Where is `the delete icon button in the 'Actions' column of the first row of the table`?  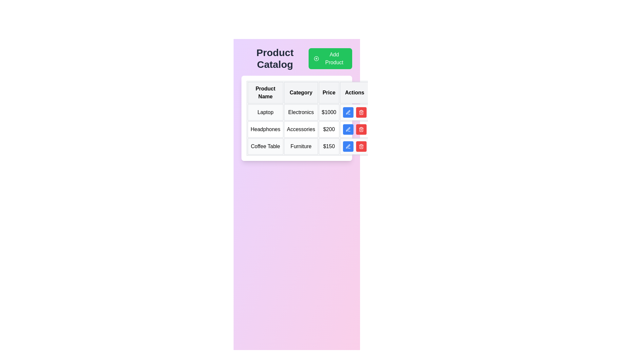 the delete icon button in the 'Actions' column of the first row of the table is located at coordinates (361, 112).